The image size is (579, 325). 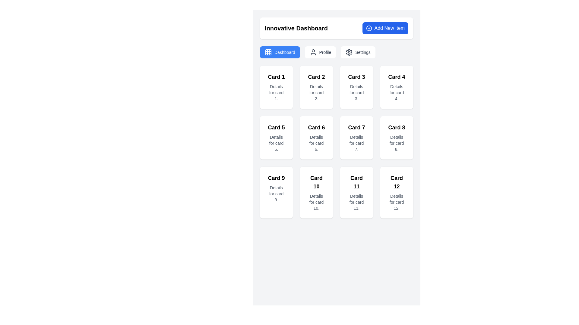 What do you see at coordinates (320, 52) in the screenshot?
I see `the 'Profile' button` at bounding box center [320, 52].